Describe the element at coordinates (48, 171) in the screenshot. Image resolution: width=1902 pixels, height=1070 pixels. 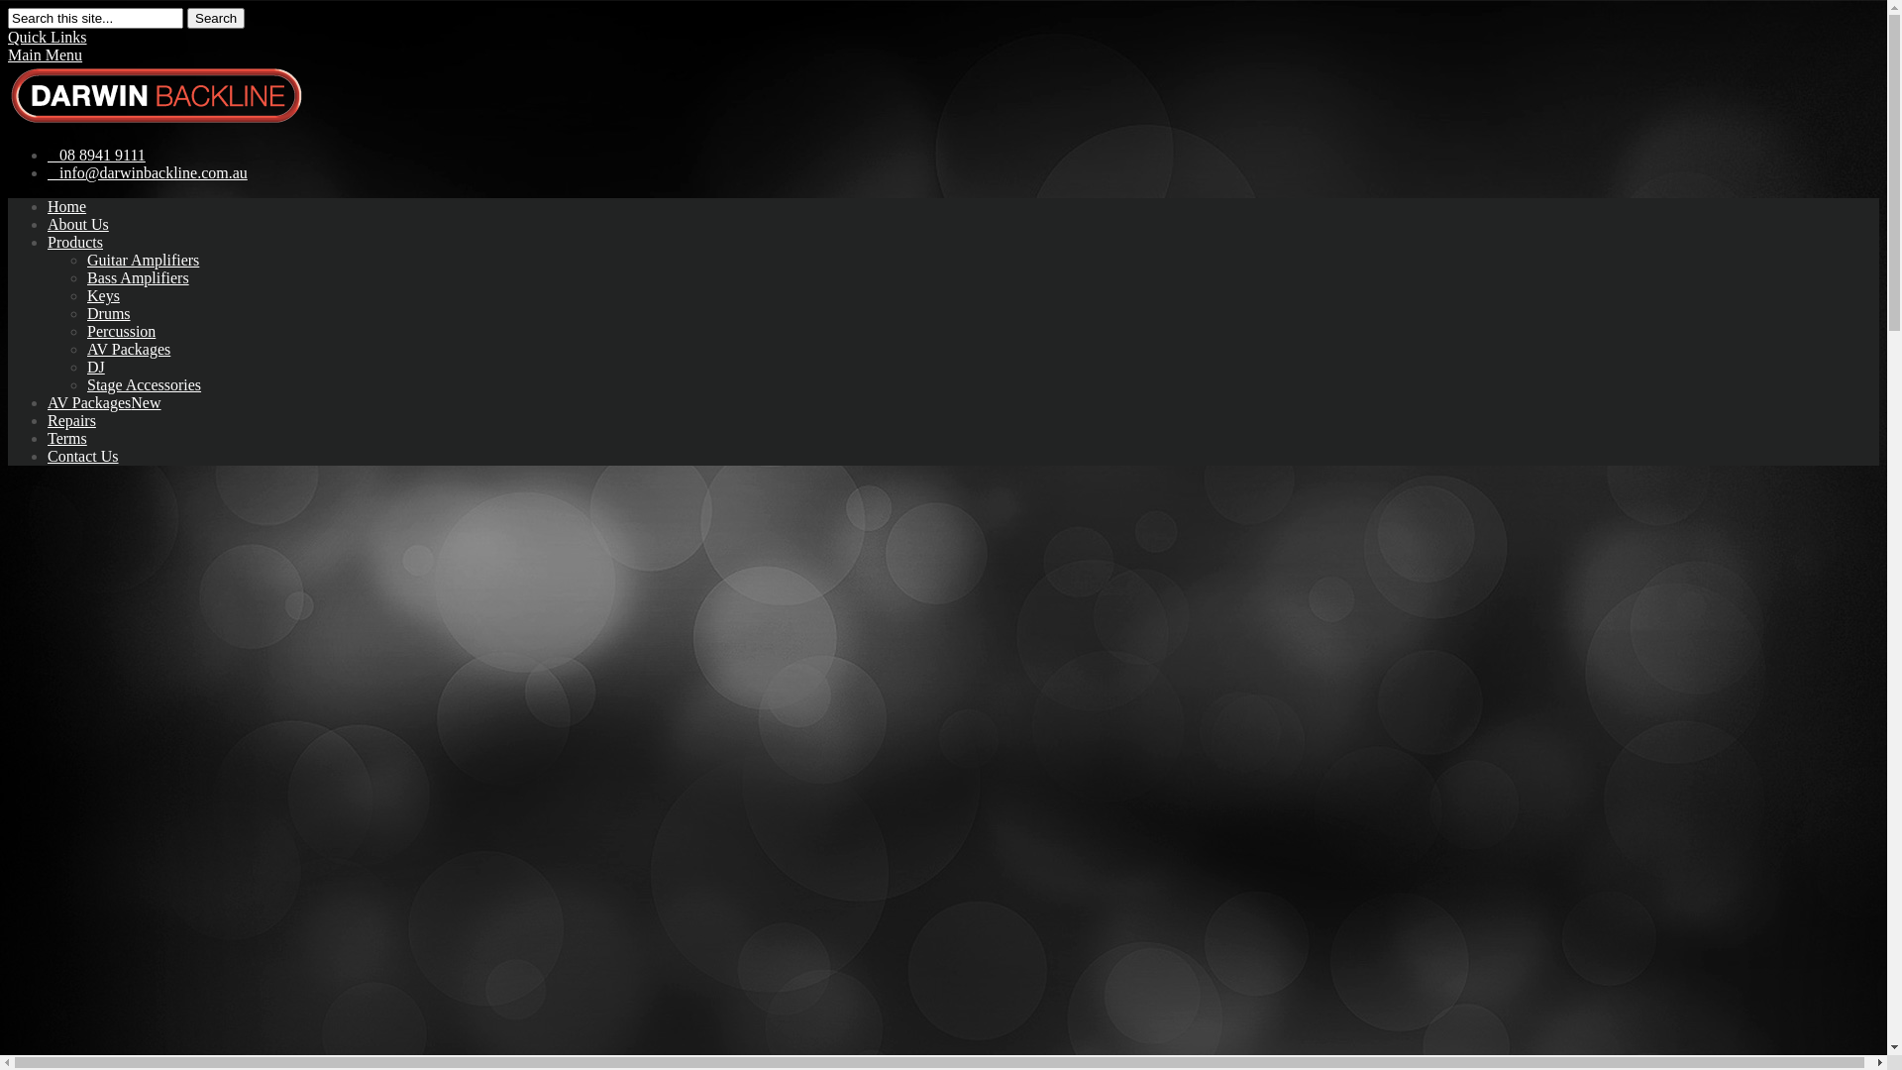
I see `'   info@darwinbackline.com.au'` at that location.